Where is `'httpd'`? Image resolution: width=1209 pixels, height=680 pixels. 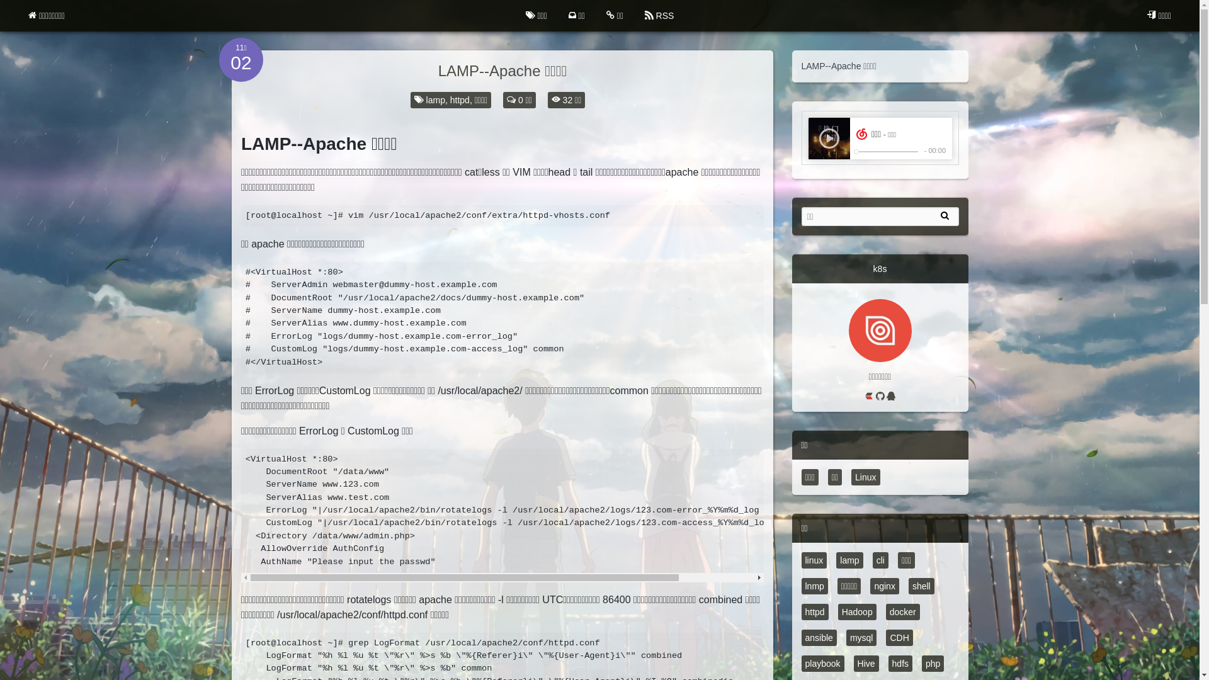 'httpd' is located at coordinates (814, 611).